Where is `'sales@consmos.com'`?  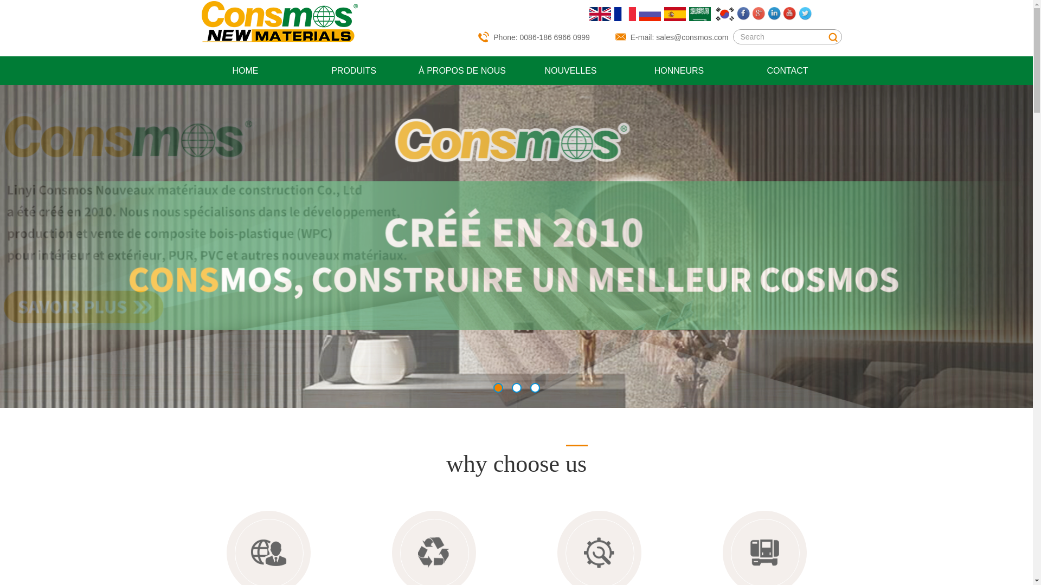
'sales@consmos.com' is located at coordinates (691, 37).